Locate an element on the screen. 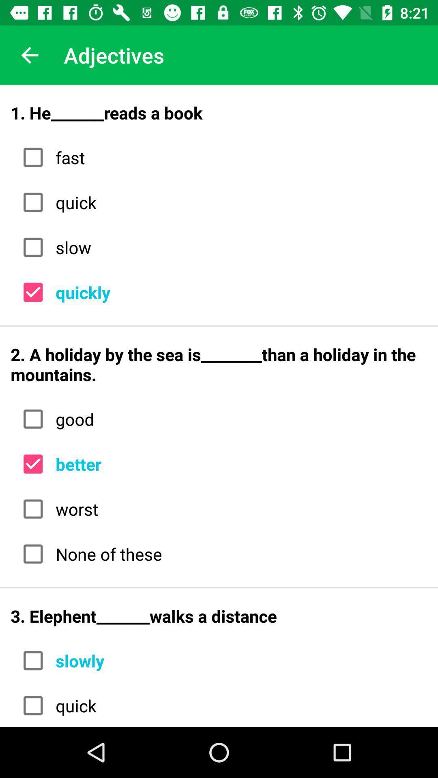 This screenshot has height=778, width=438. the icon above the 1 he_______reads a is located at coordinates (29, 55).